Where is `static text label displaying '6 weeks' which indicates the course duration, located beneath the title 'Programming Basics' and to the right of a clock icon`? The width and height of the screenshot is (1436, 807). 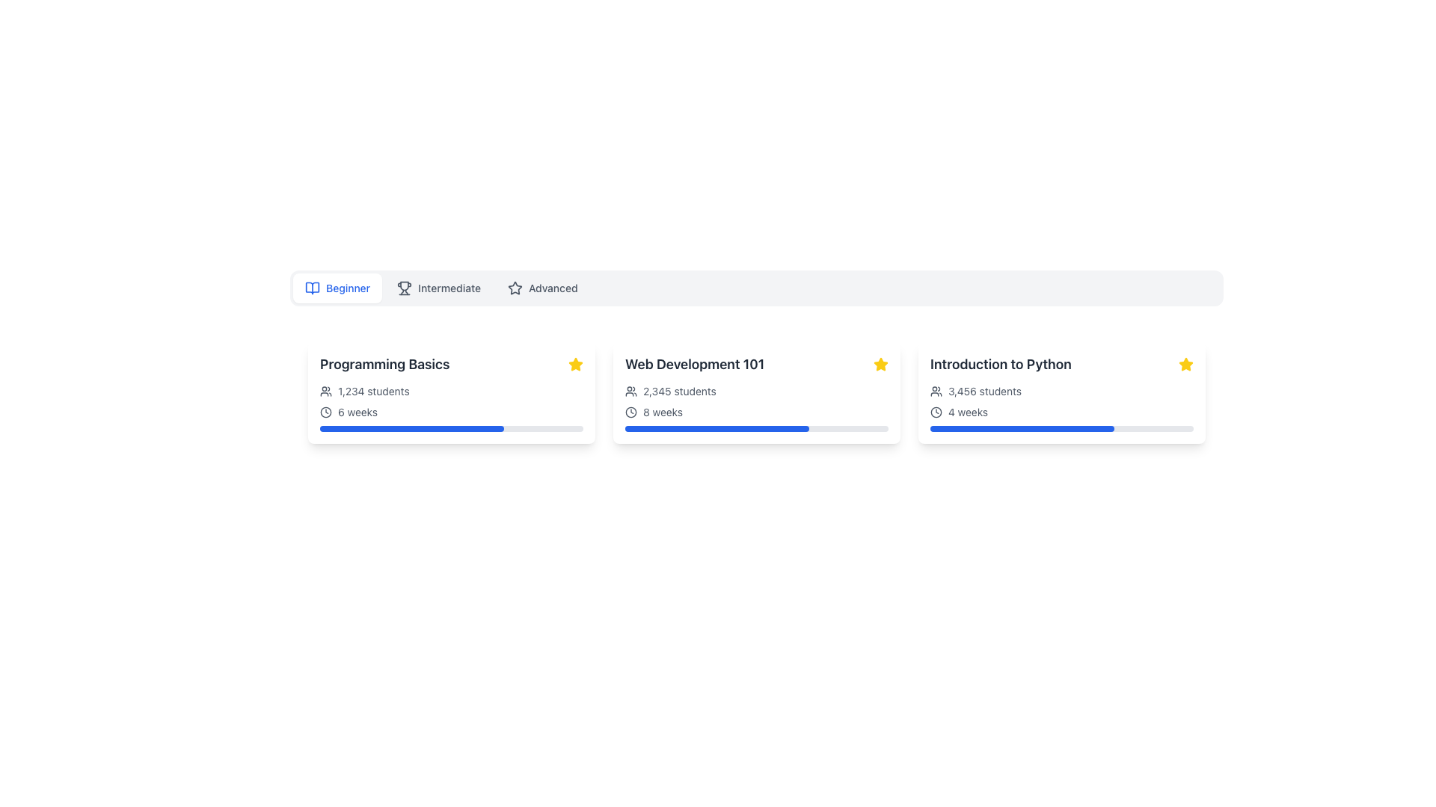
static text label displaying '6 weeks' which indicates the course duration, located beneath the title 'Programming Basics' and to the right of a clock icon is located at coordinates (357, 412).